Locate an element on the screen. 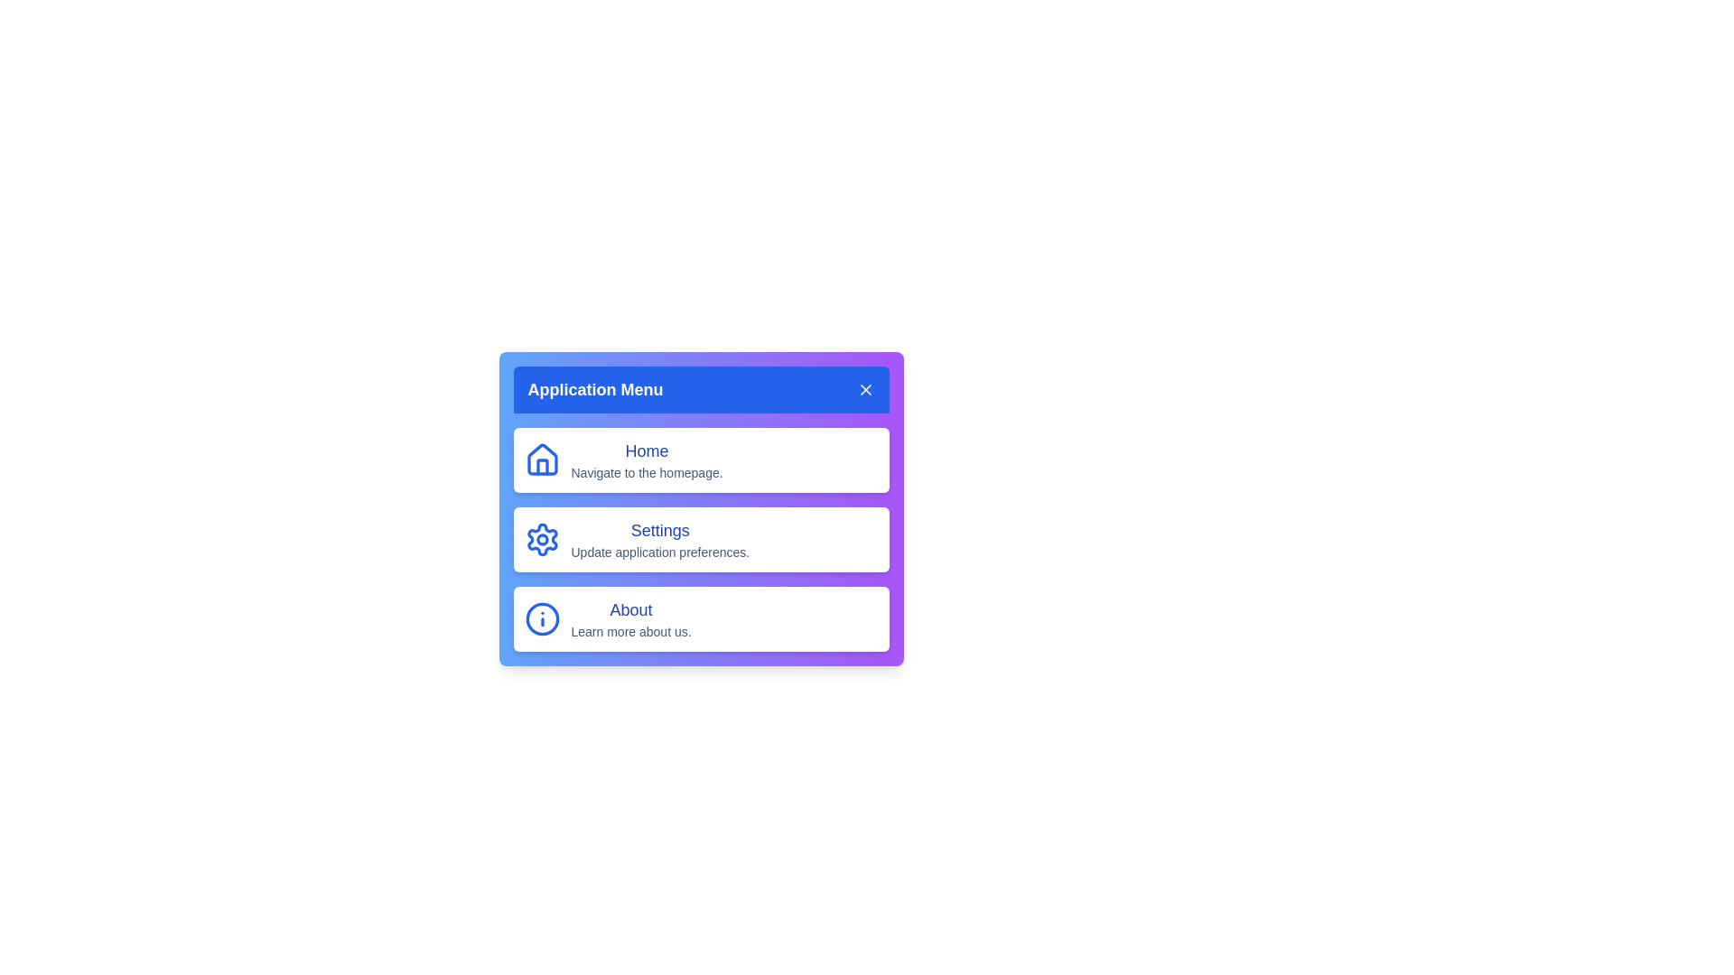 This screenshot has width=1734, height=975. the menu item Home and interact with it is located at coordinates (700, 459).